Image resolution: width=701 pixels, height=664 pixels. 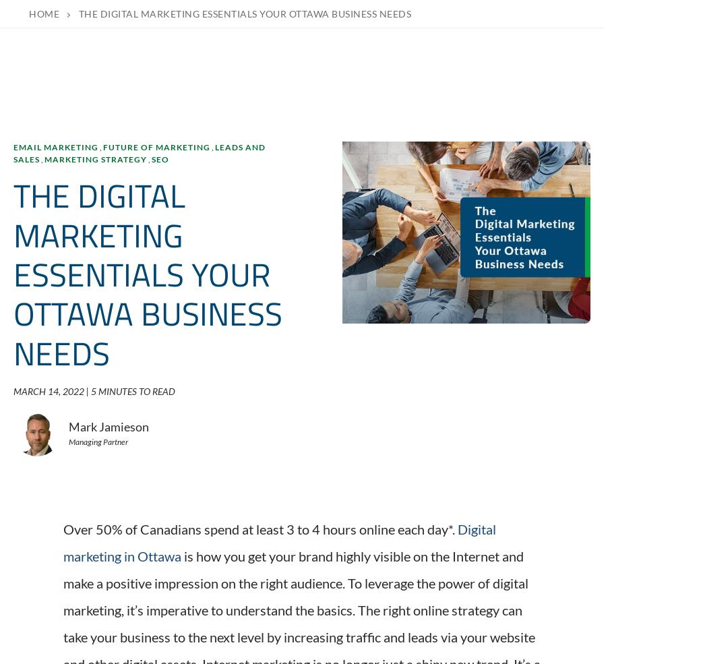 What do you see at coordinates (63, 549) in the screenshot?
I see `'September 20, 2023  |'` at bounding box center [63, 549].